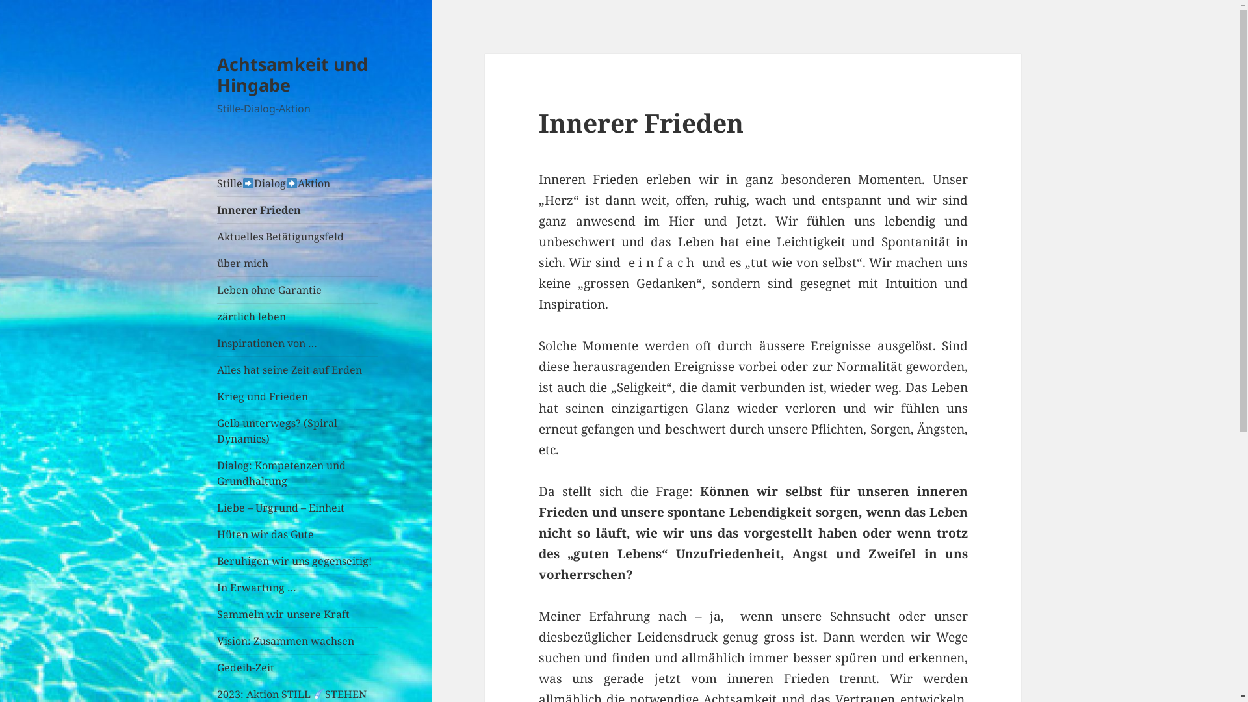 This screenshot has height=702, width=1248. Describe the element at coordinates (217, 667) in the screenshot. I see `'Gedeih-Zeit'` at that location.